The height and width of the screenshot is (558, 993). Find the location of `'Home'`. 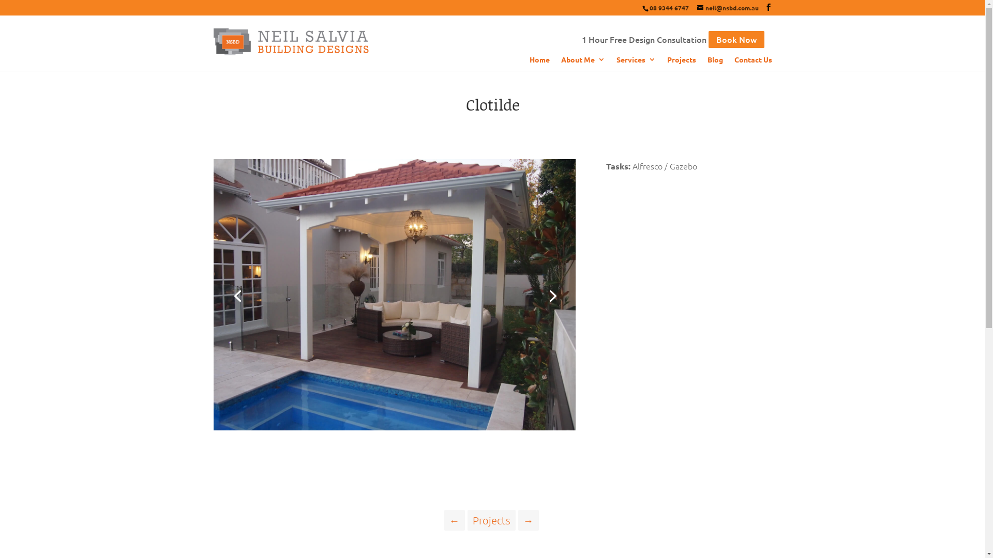

'Home' is located at coordinates (539, 63).